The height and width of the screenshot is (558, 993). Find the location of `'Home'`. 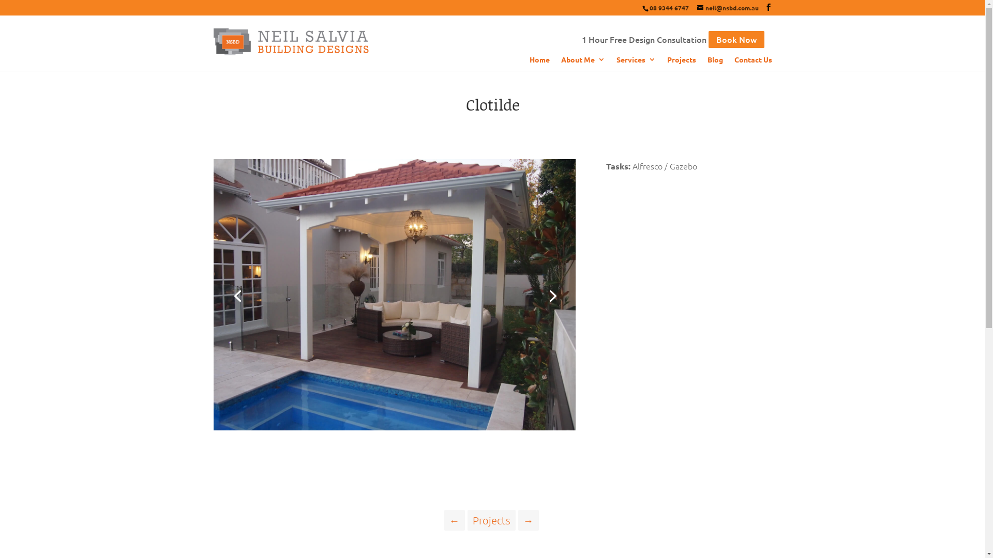

'Home' is located at coordinates (539, 63).